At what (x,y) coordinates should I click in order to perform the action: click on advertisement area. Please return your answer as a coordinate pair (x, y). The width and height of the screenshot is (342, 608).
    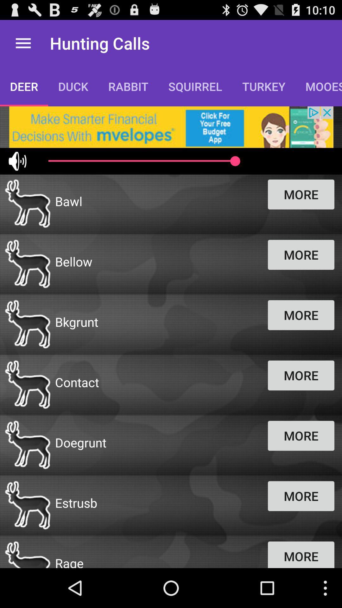
    Looking at the image, I should click on (171, 127).